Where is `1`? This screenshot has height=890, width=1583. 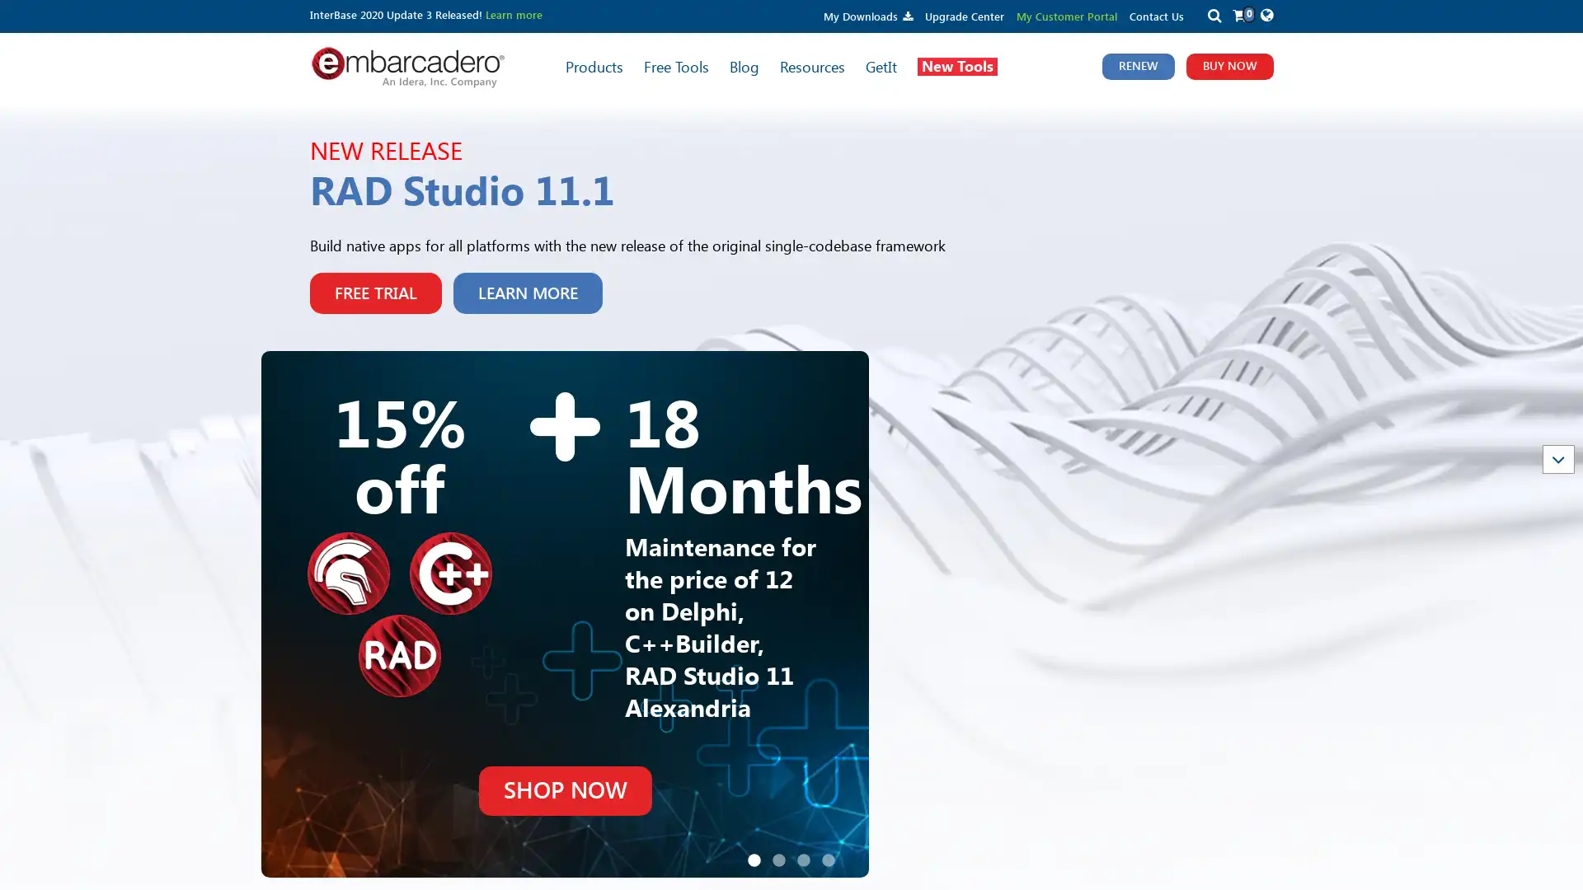 1 is located at coordinates (754, 700).